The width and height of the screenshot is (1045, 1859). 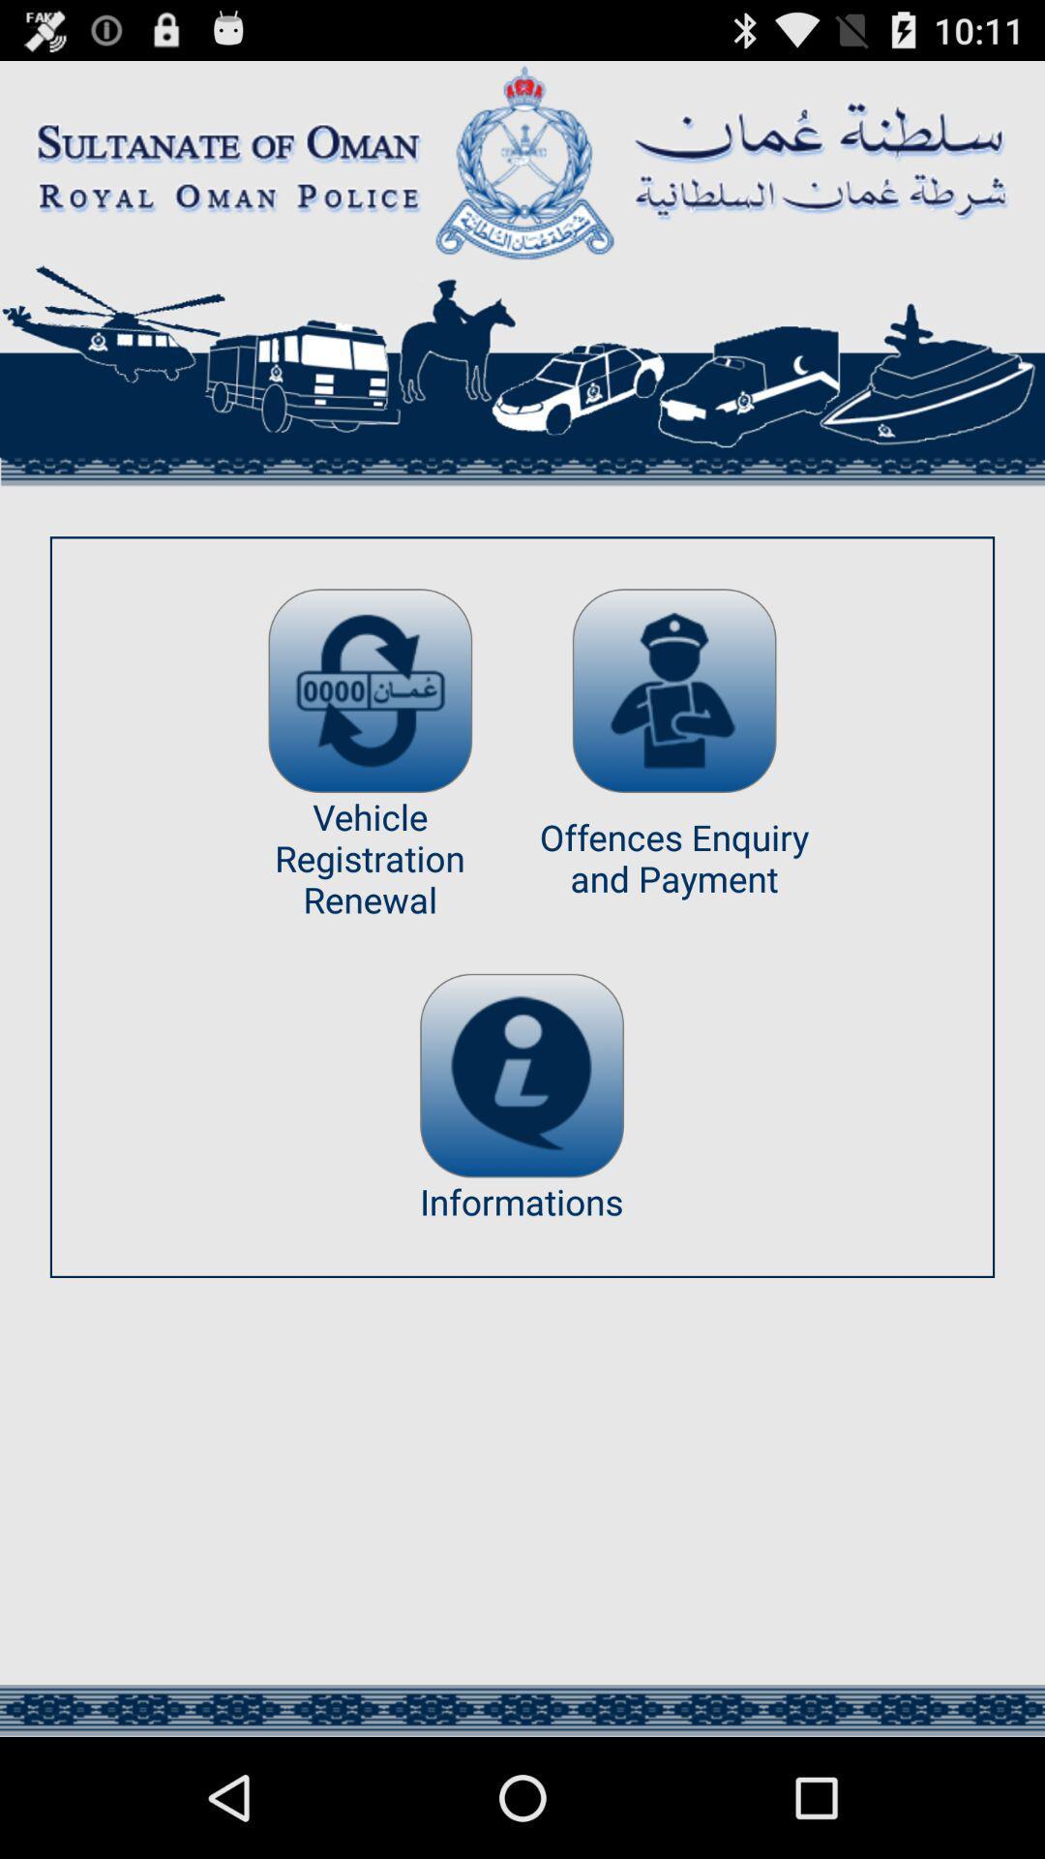 I want to click on app above the vehicle registration renewal app, so click(x=370, y=690).